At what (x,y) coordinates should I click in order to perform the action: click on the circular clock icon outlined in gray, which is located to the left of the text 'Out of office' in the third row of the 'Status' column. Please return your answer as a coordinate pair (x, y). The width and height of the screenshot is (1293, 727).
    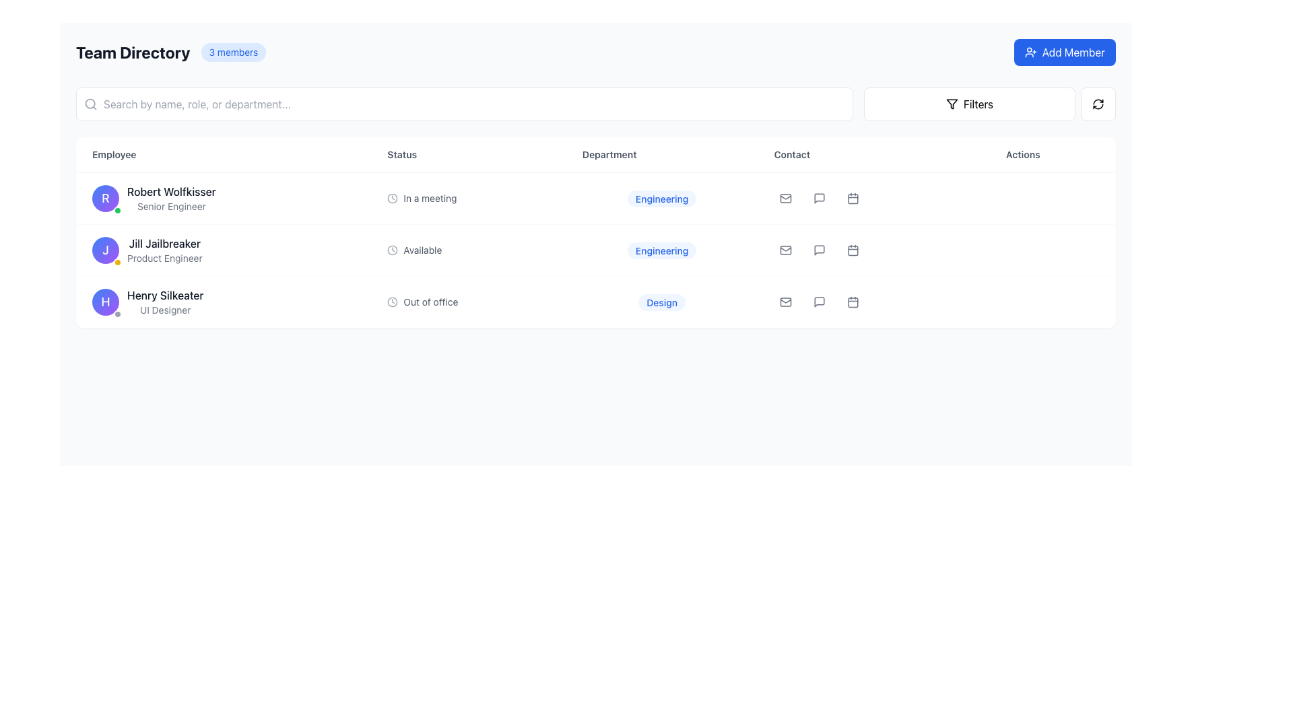
    Looking at the image, I should click on (392, 301).